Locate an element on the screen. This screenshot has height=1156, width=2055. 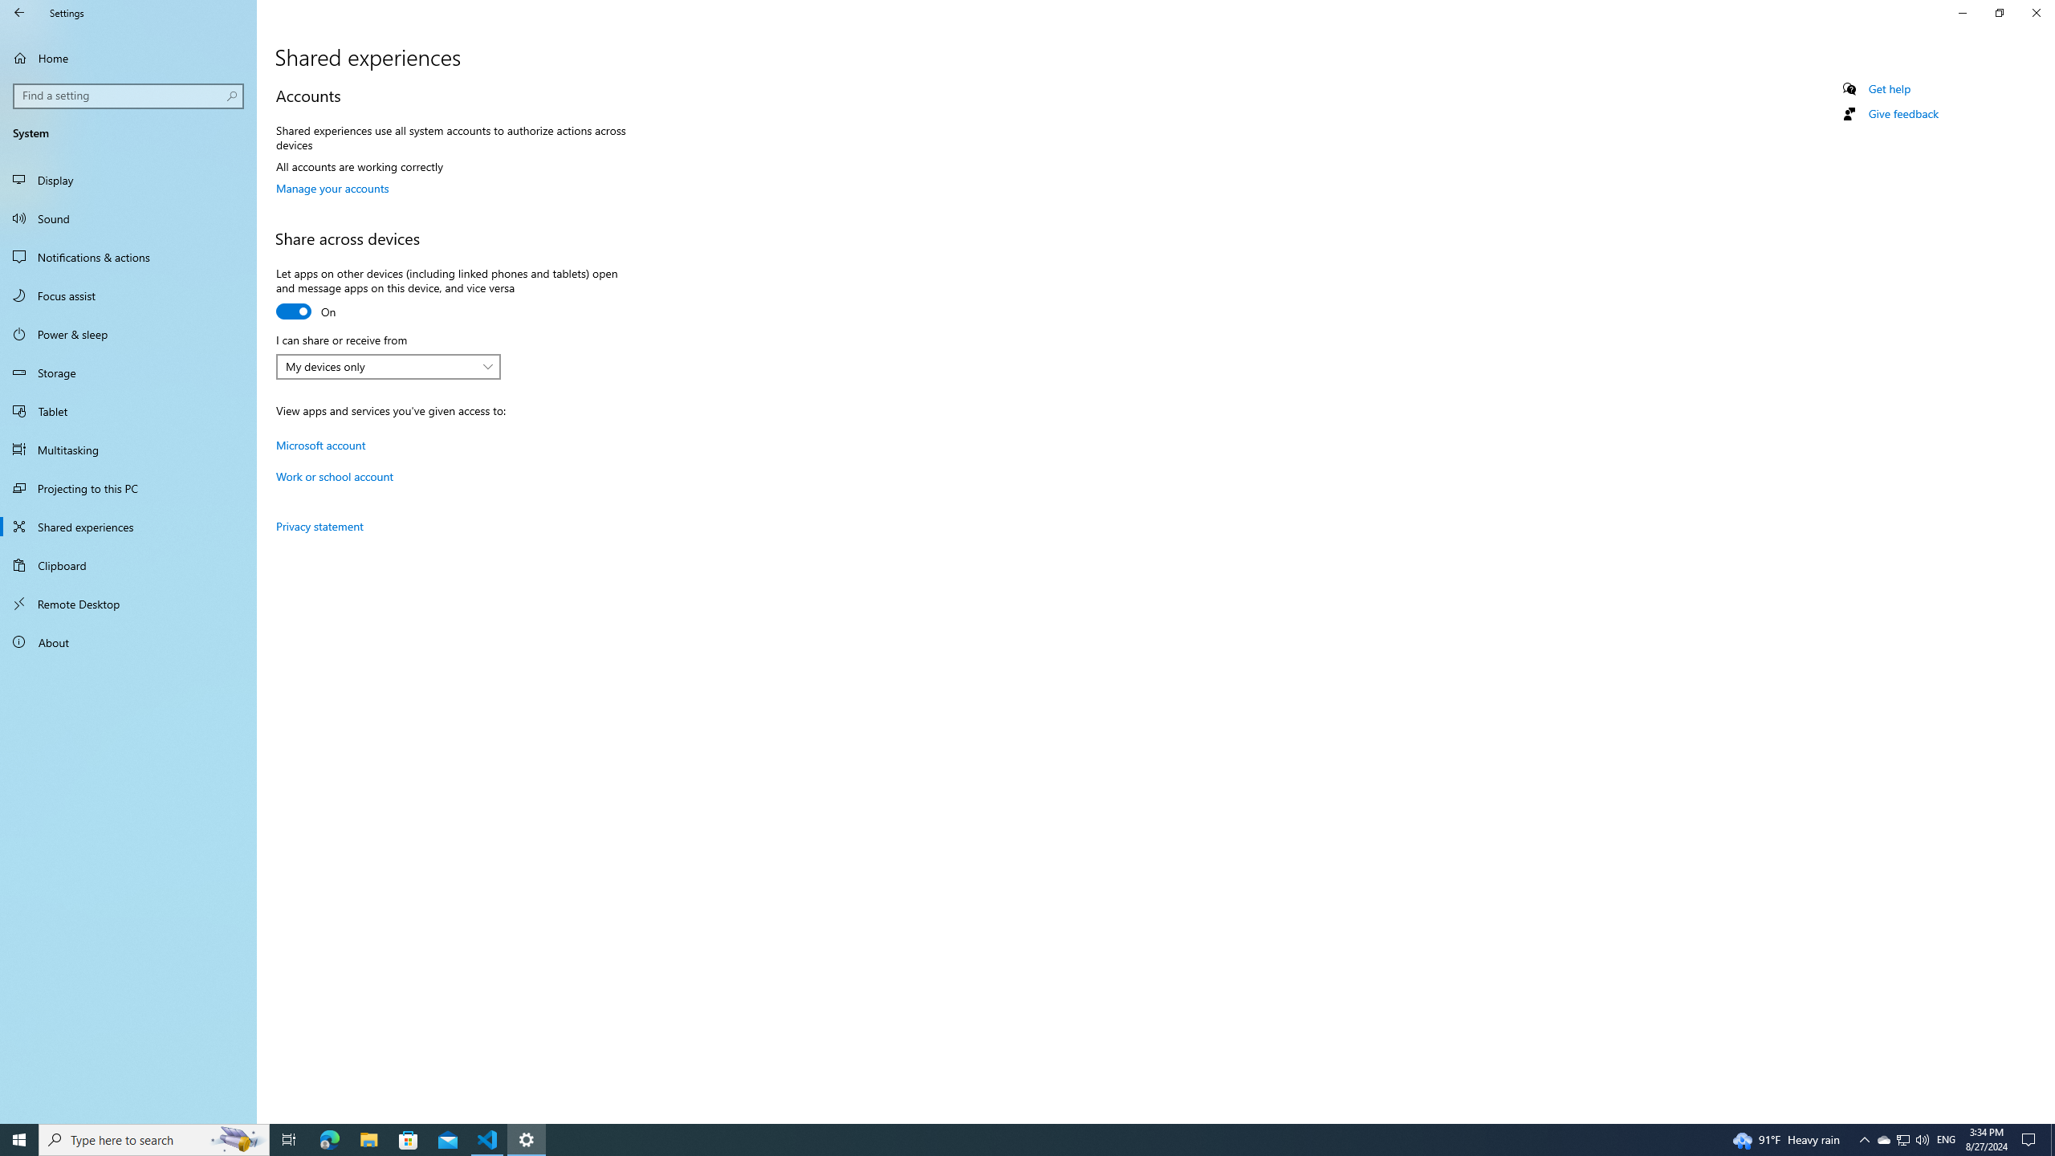
'Visual Studio Code - 1 running window' is located at coordinates (487, 1138).